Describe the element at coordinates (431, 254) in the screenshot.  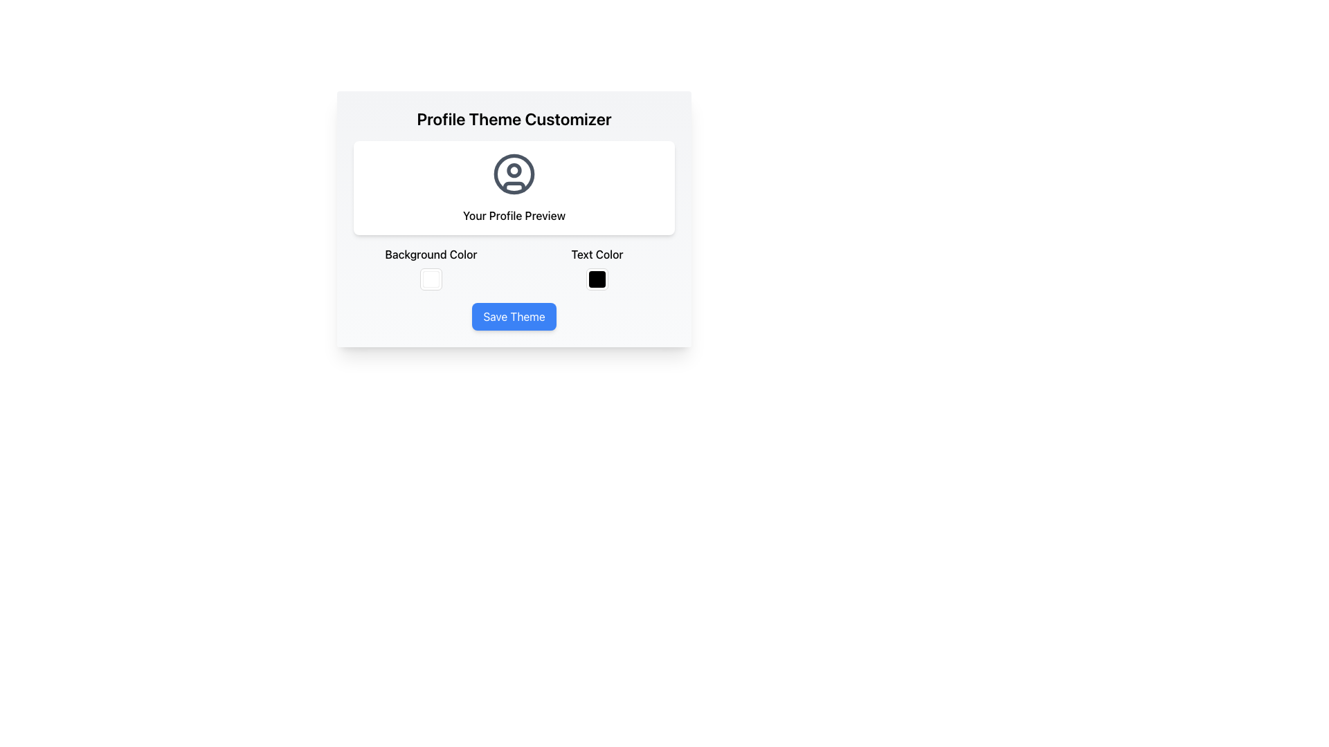
I see `the 'Background Color' text label located below the 'Your Profile Preview' section and above the checkbox and color picker interface` at that location.